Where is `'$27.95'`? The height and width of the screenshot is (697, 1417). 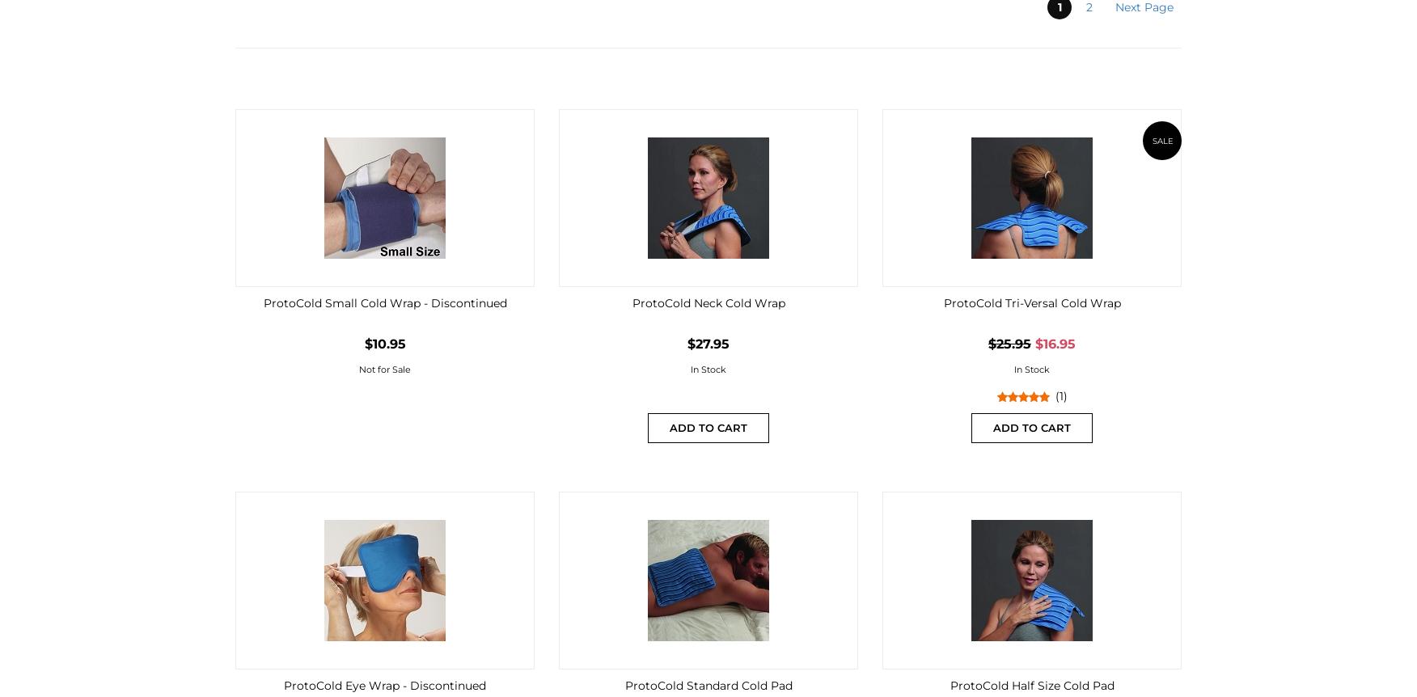
'$27.95' is located at coordinates (708, 343).